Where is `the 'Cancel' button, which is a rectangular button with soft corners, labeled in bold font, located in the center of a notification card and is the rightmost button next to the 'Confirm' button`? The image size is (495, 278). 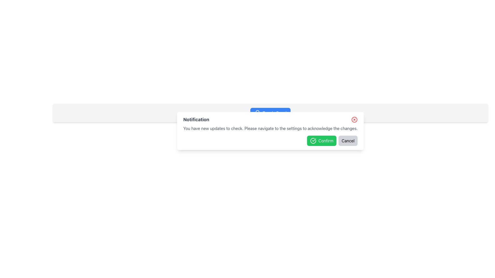 the 'Cancel' button, which is a rectangular button with soft corners, labeled in bold font, located in the center of a notification card and is the rightmost button next to the 'Confirm' button is located at coordinates (348, 141).